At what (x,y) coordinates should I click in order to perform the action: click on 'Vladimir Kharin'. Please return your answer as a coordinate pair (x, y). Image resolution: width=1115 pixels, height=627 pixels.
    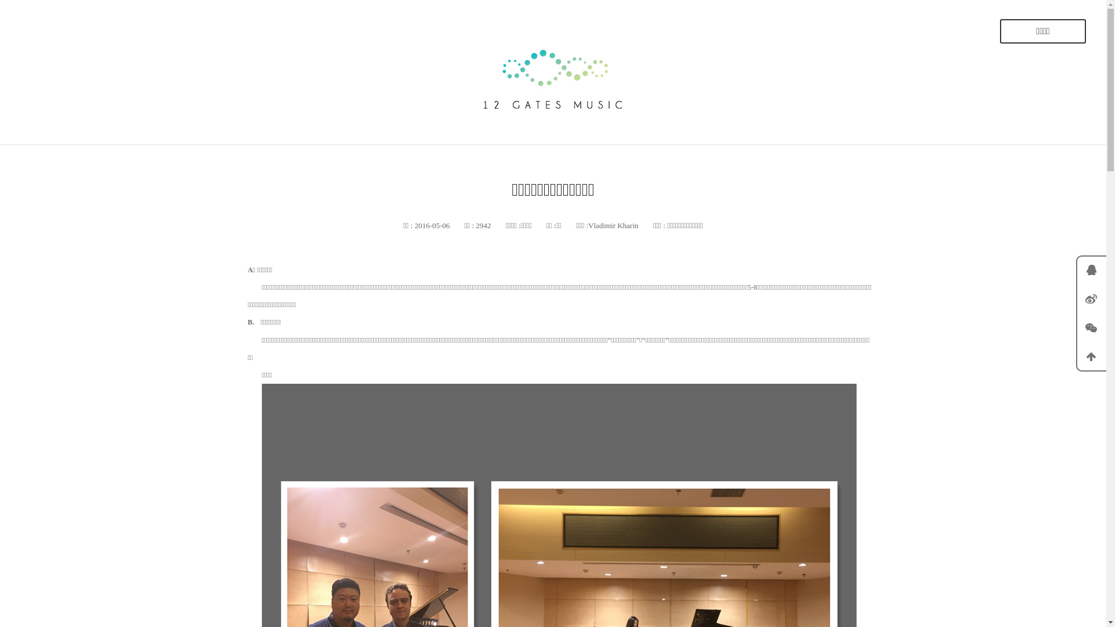
    Looking at the image, I should click on (613, 225).